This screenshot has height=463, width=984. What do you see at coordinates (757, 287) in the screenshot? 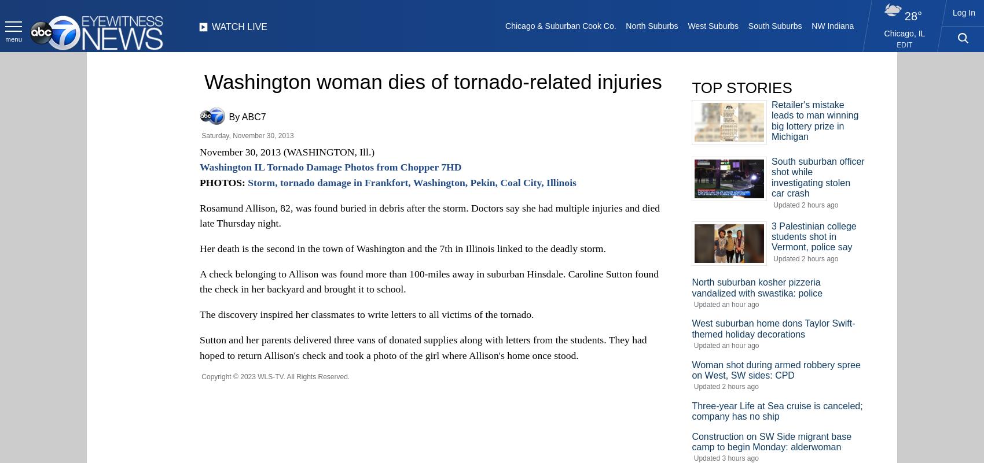
I see `'North suburban kosher pizzeria vandalized with swastika: police'` at bounding box center [757, 287].